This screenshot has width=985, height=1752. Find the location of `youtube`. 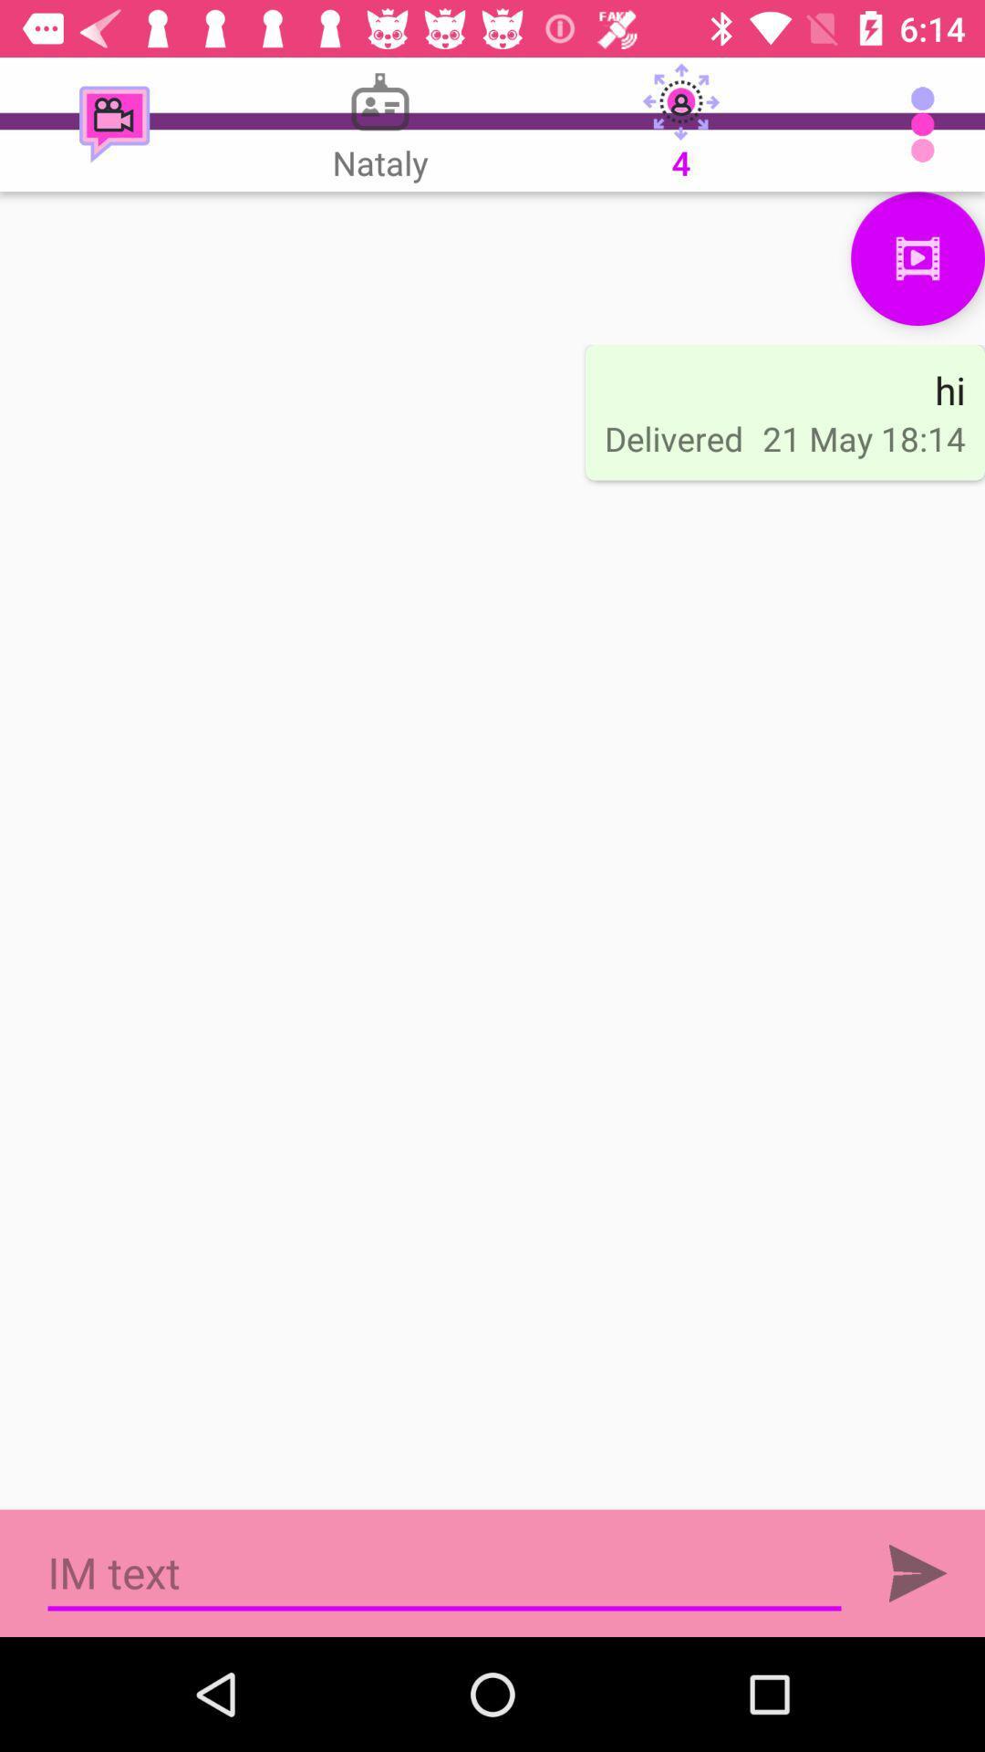

youtube is located at coordinates (918, 257).